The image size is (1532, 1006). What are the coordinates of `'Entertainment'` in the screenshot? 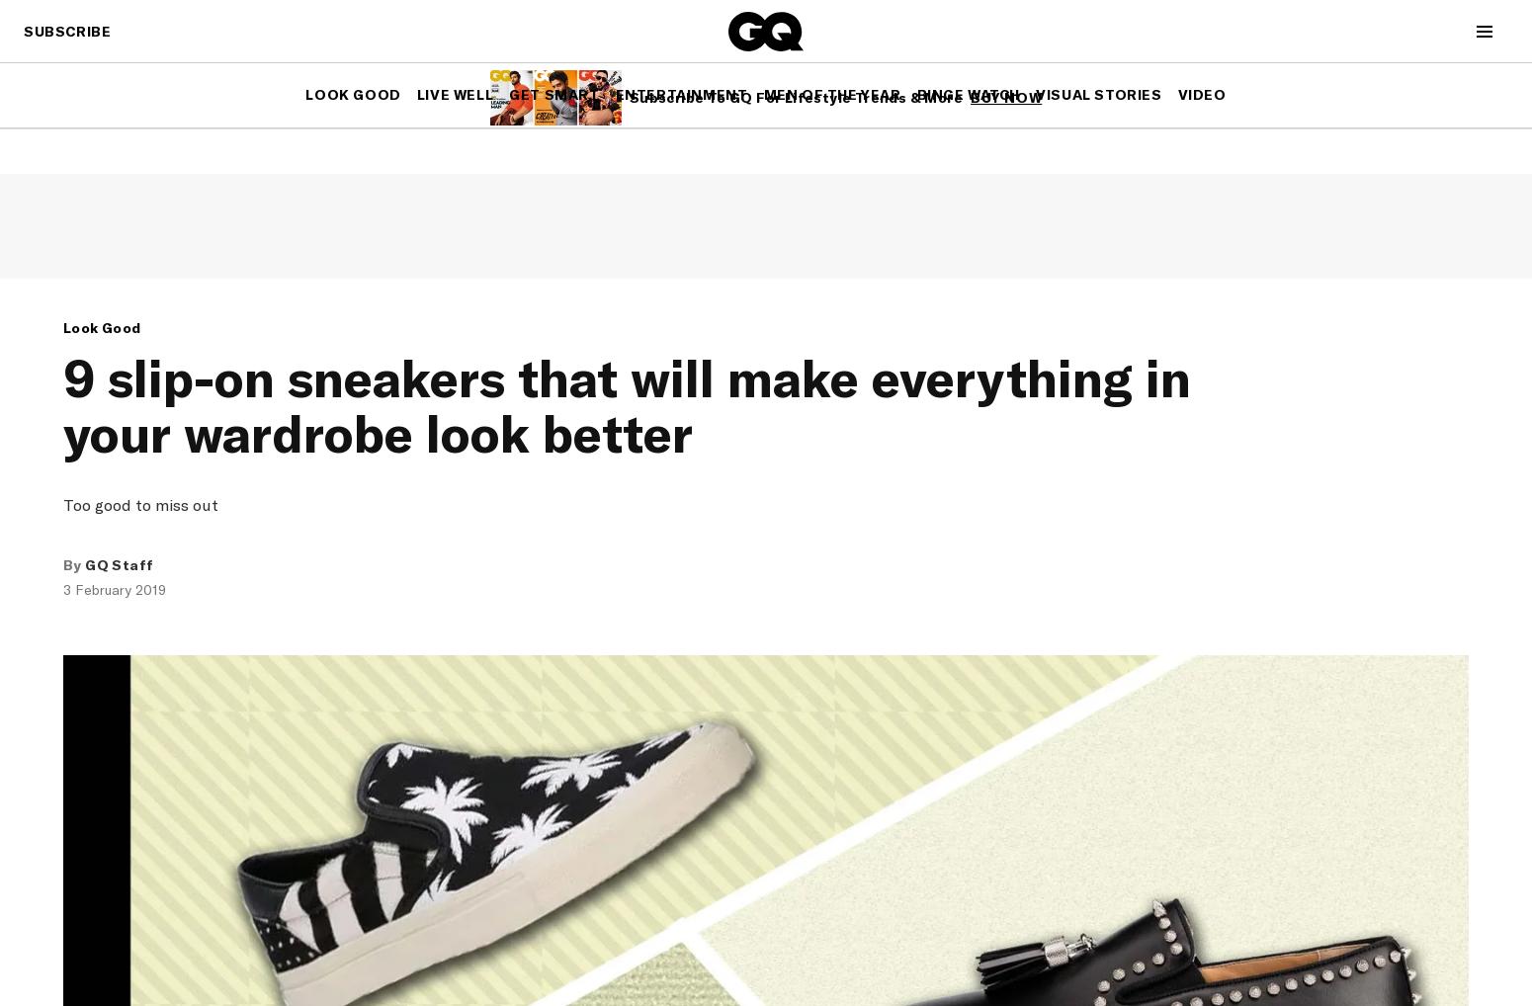 It's located at (679, 94).